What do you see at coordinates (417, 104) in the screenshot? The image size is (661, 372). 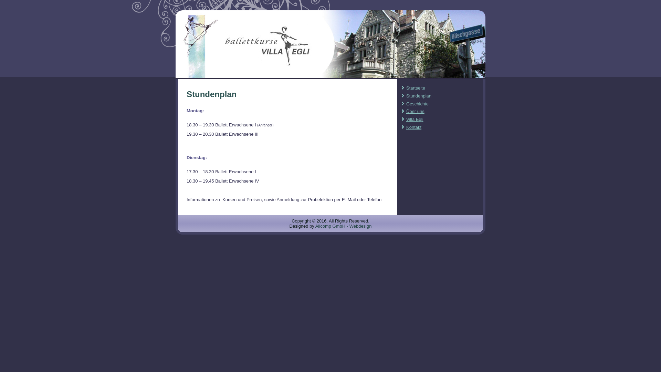 I see `'Geschichte'` at bounding box center [417, 104].